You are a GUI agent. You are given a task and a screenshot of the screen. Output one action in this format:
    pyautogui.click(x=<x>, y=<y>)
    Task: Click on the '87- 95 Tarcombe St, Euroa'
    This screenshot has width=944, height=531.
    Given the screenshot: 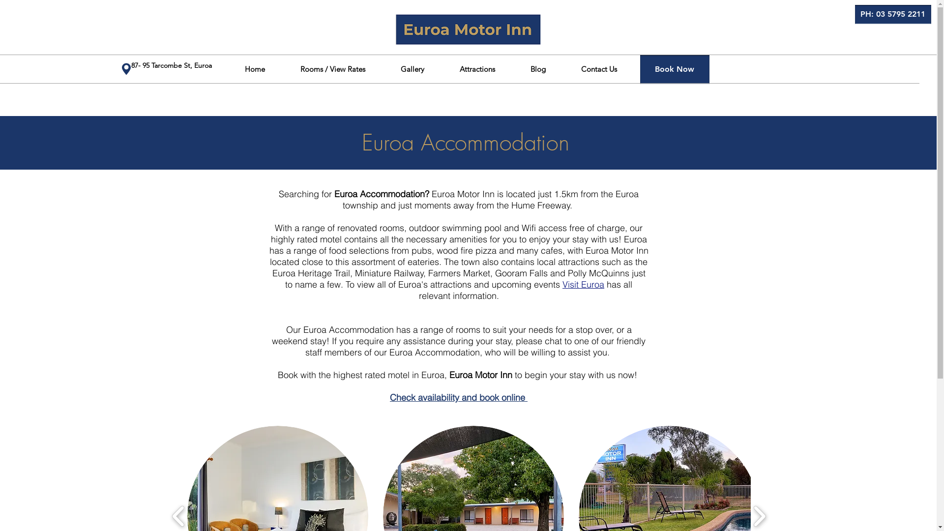 What is the action you would take?
    pyautogui.click(x=172, y=65)
    